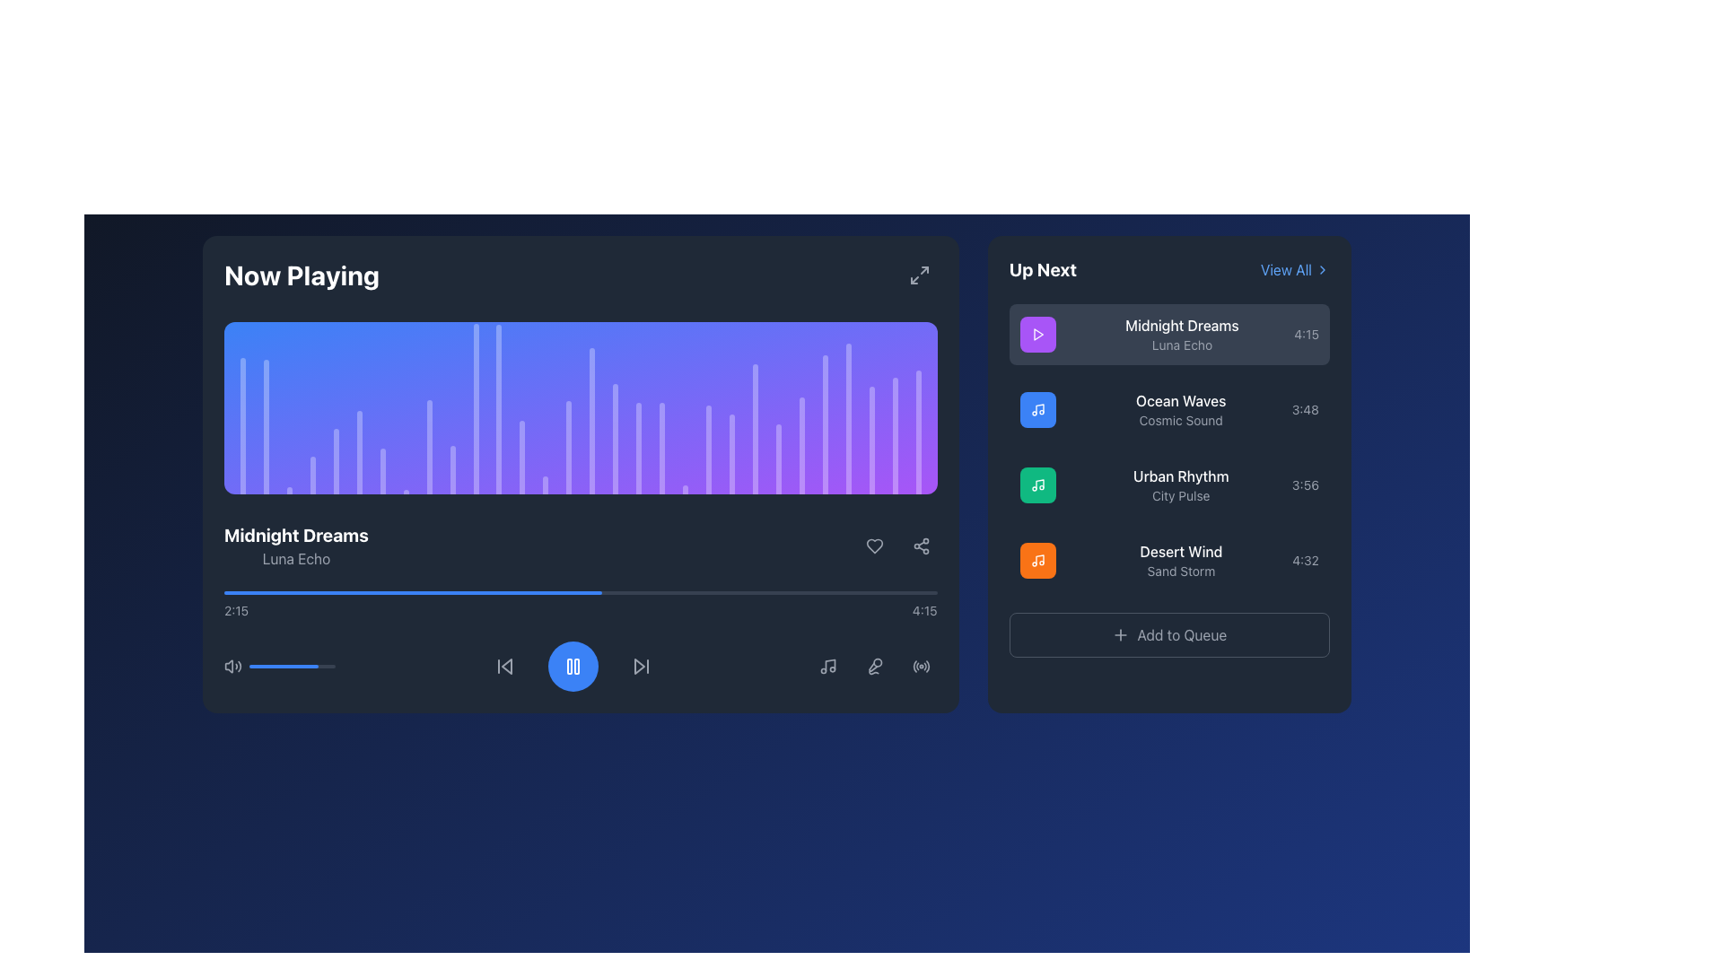 The height and width of the screenshot is (969, 1723). Describe the element at coordinates (874, 546) in the screenshot. I see `the heart icon in the bottom-right part of the primary music player interface to favorite the currently playing song` at that location.